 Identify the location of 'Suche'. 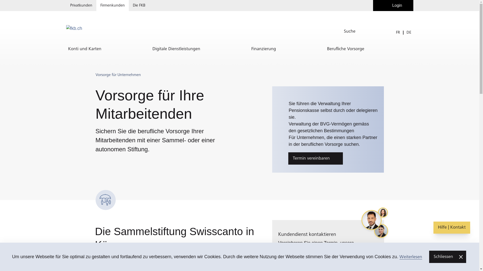
(370, 31).